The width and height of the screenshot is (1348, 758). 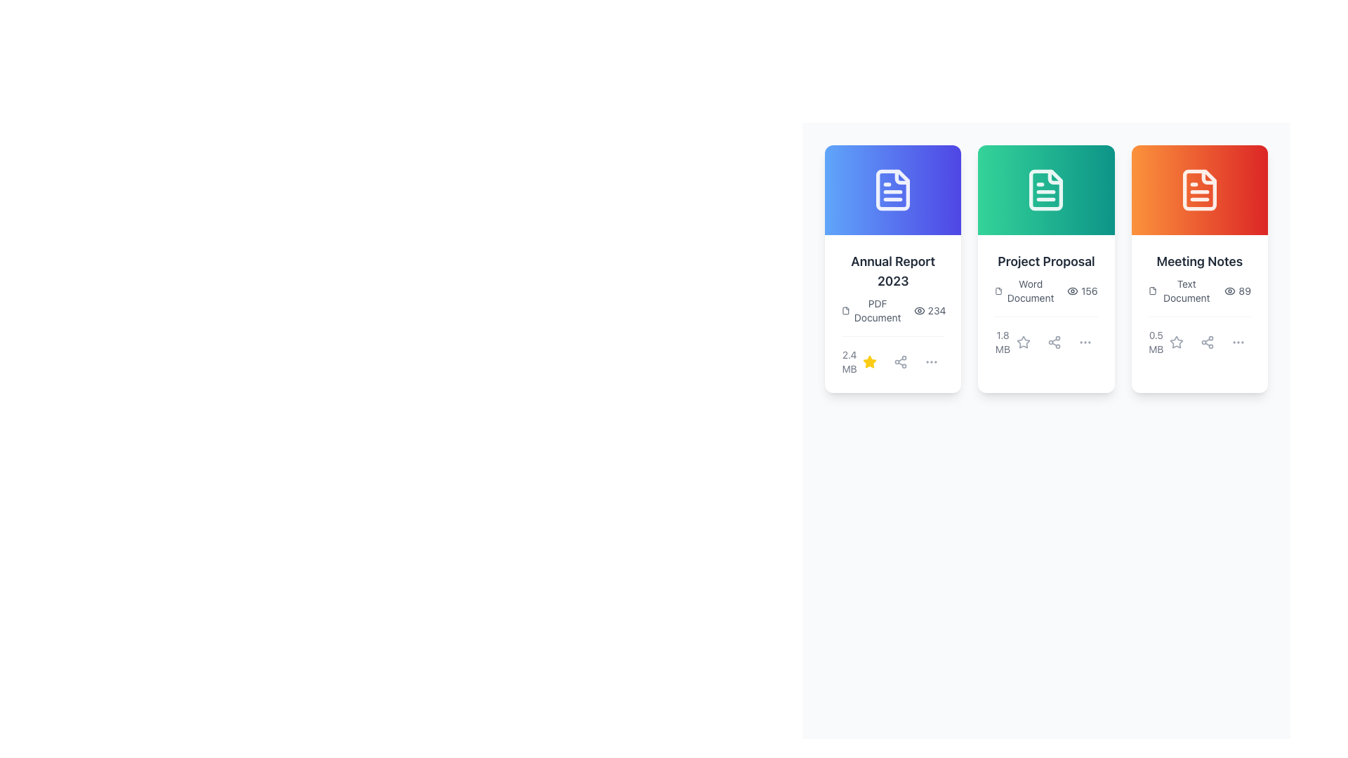 I want to click on the favorite icon button located near the bottom center of the 'Annual Report 2023' card, which is the first icon in the group to the left of the share icon and to the right of the file size label ('2.4 MB'), so click(x=869, y=361).